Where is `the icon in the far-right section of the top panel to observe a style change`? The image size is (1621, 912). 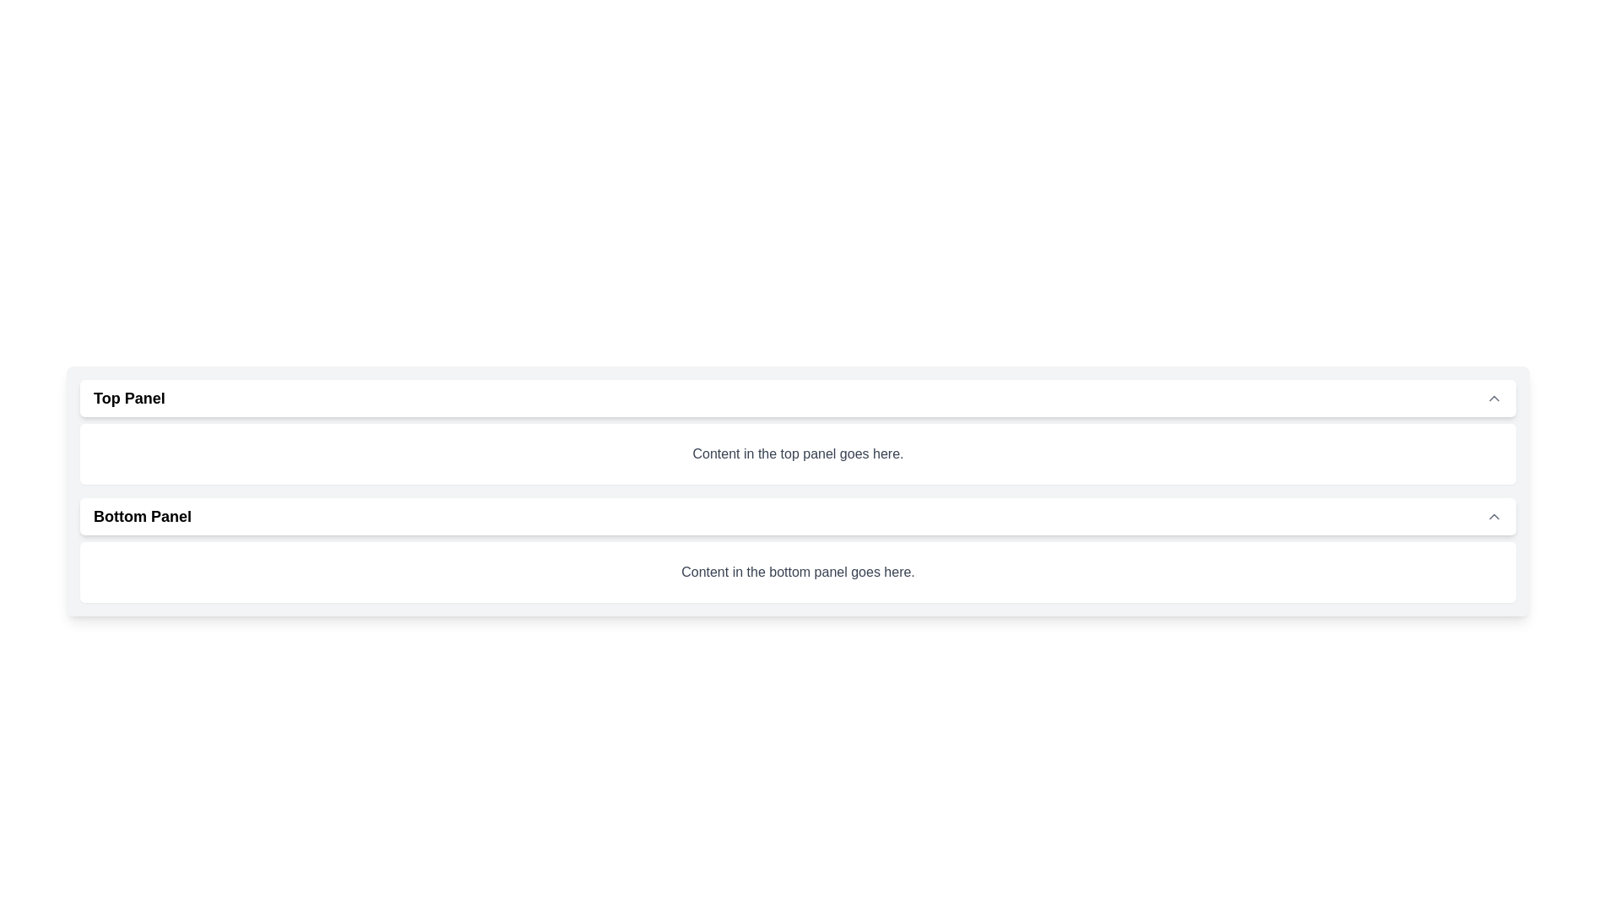 the icon in the far-right section of the top panel to observe a style change is located at coordinates (1494, 398).